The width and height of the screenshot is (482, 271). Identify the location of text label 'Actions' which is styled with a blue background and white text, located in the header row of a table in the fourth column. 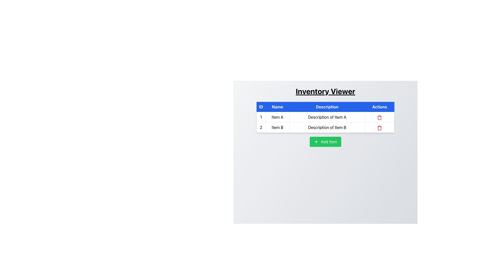
(380, 107).